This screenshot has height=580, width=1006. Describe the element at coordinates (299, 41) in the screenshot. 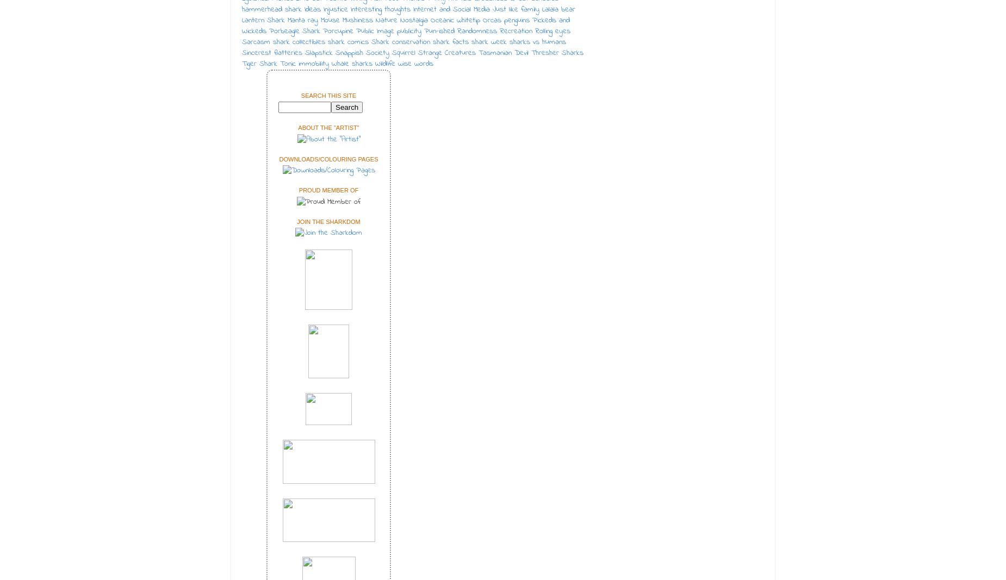

I see `'shark collectibles'` at that location.